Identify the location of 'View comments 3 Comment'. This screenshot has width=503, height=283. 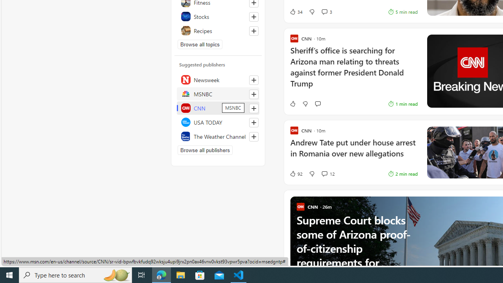
(324, 12).